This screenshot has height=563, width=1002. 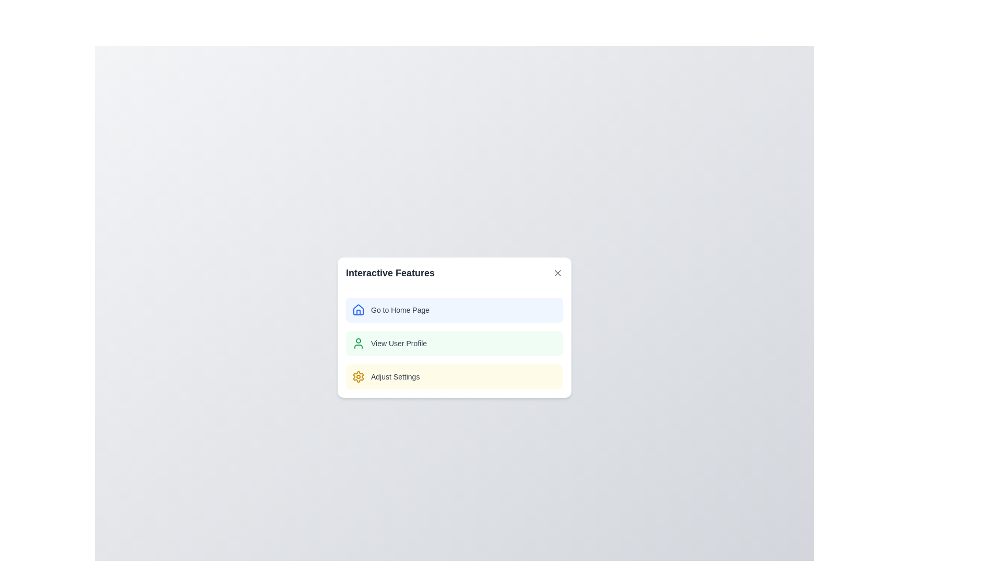 What do you see at coordinates (398, 343) in the screenshot?
I see `the Text Label that describes the user profile feature, located next to the user silhouette icon in the 'Interactive Features' selection box` at bounding box center [398, 343].